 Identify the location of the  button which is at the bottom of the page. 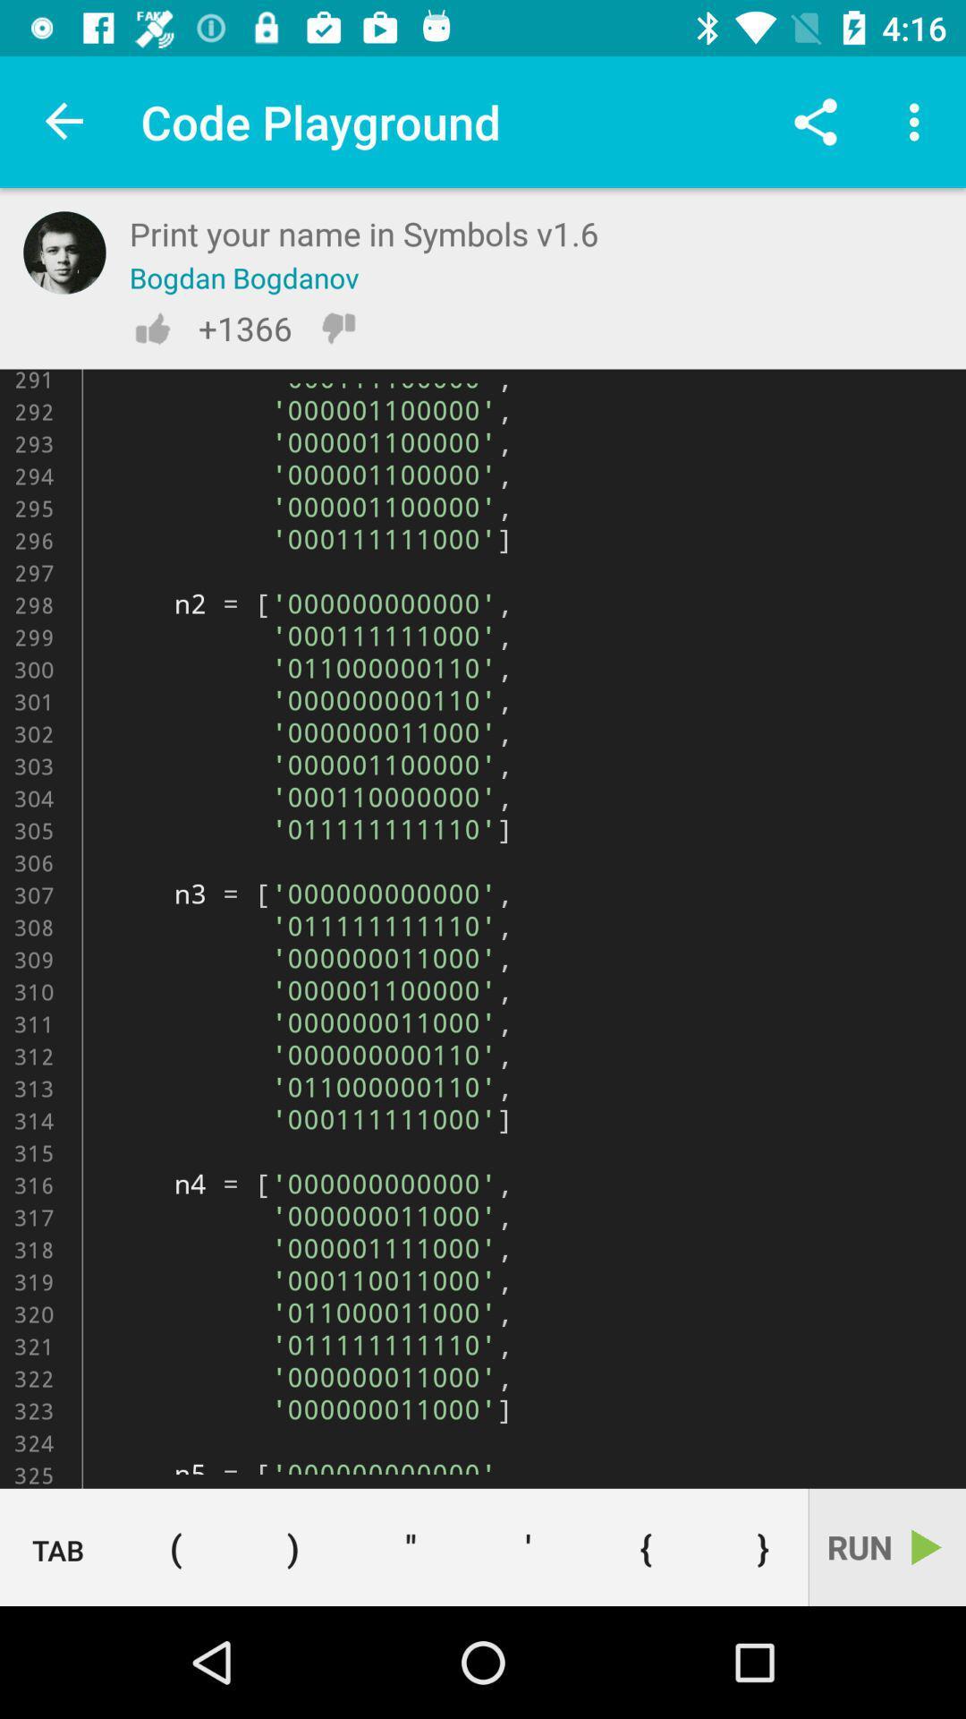
(411, 1546).